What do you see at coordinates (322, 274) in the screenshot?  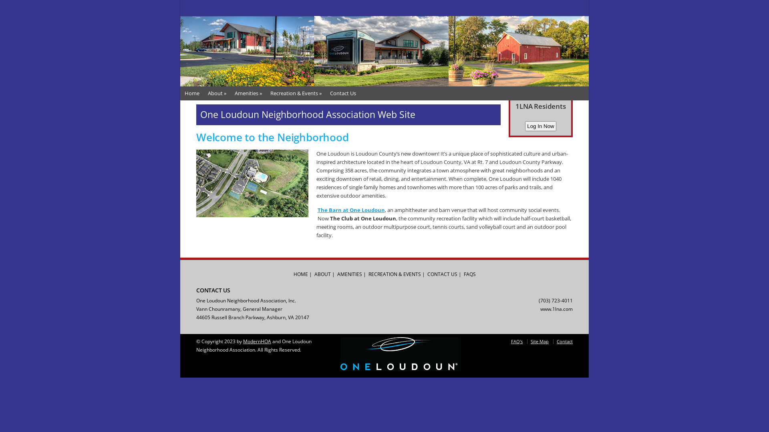 I see `'ABOUT'` at bounding box center [322, 274].